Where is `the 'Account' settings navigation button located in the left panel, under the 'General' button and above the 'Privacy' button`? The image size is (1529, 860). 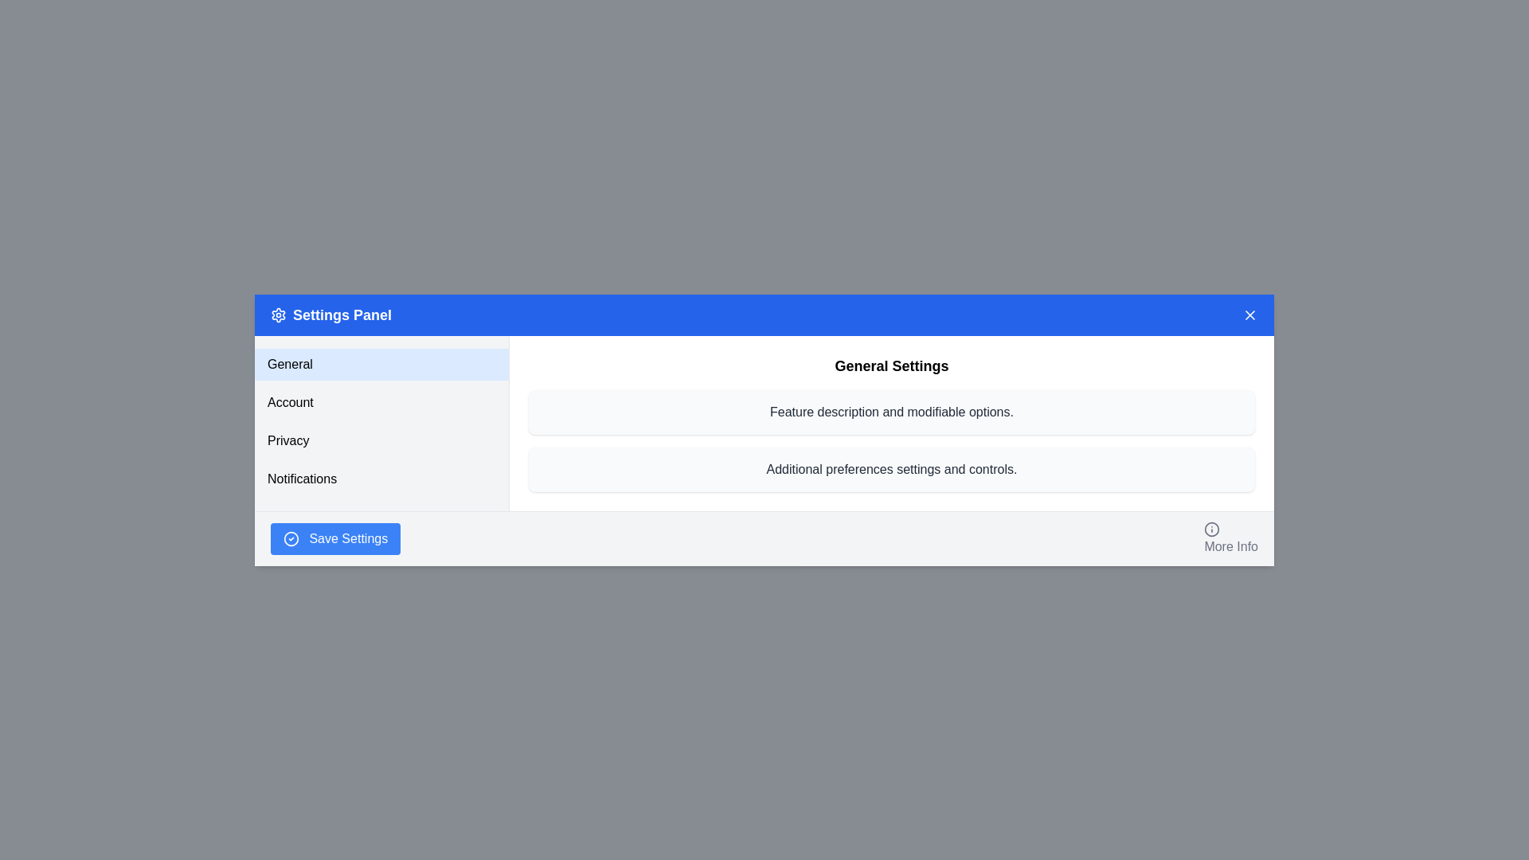 the 'Account' settings navigation button located in the left panel, under the 'General' button and above the 'Privacy' button is located at coordinates (381, 401).